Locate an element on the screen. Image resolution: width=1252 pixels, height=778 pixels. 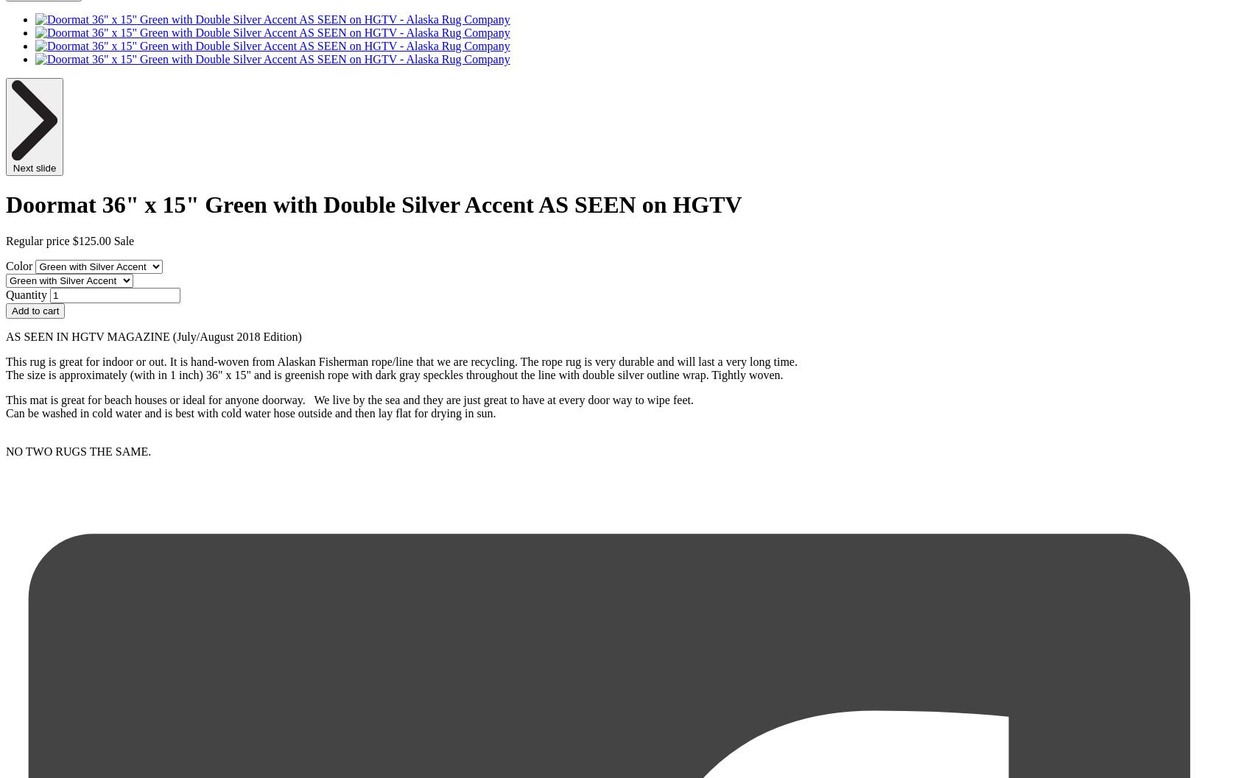
'Can be washed in cold water and is best with cold water hose outside and then lay flat for drying in sun.' is located at coordinates (5, 411).